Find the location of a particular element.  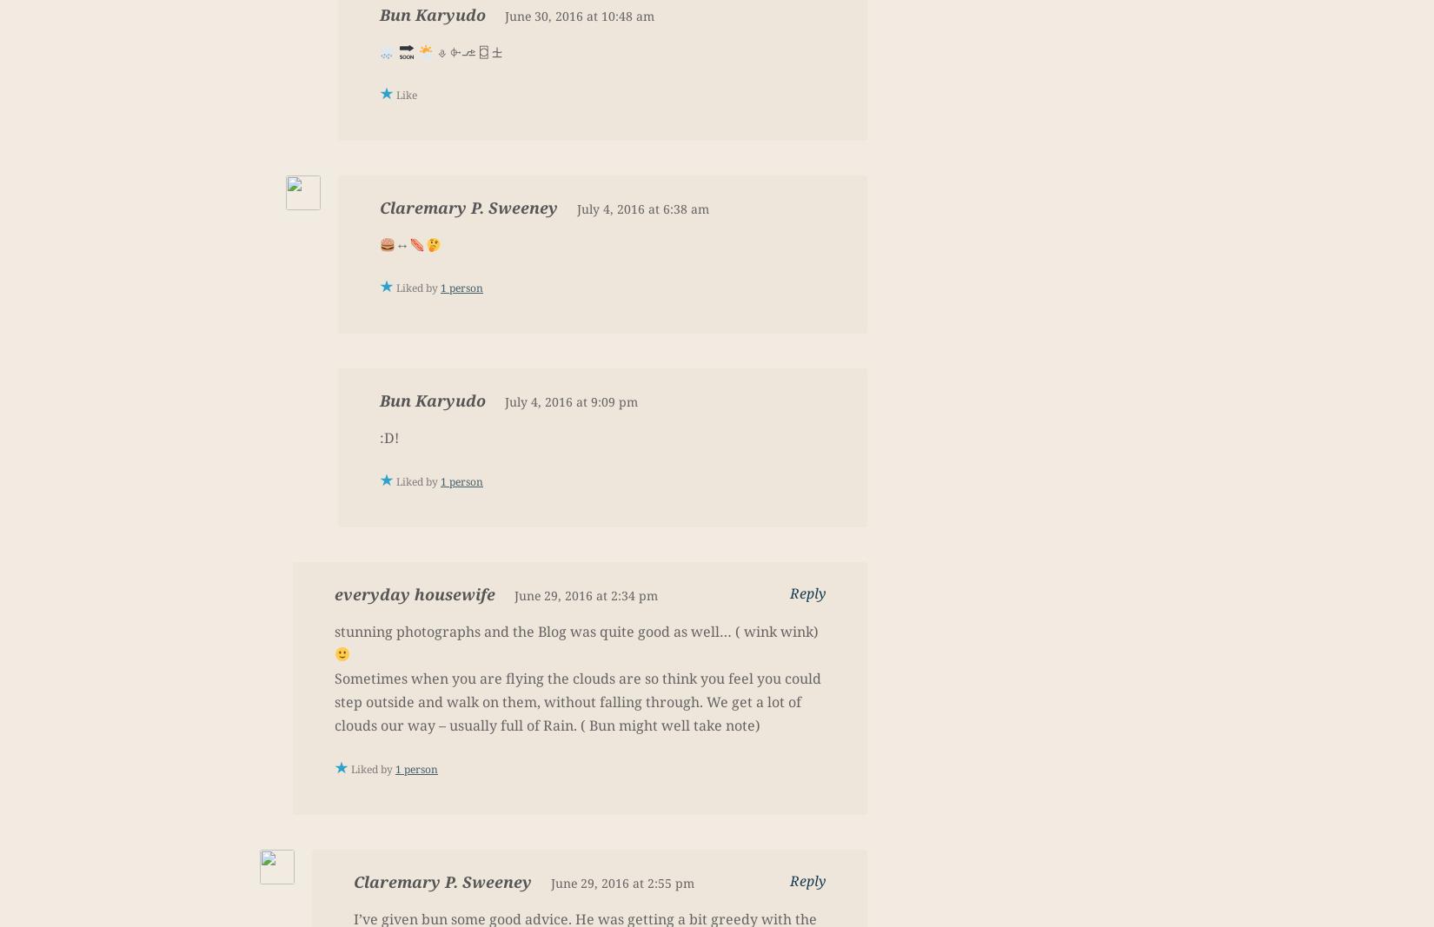

'June 29, 2016 at 2:34 pm' is located at coordinates (585, 594).